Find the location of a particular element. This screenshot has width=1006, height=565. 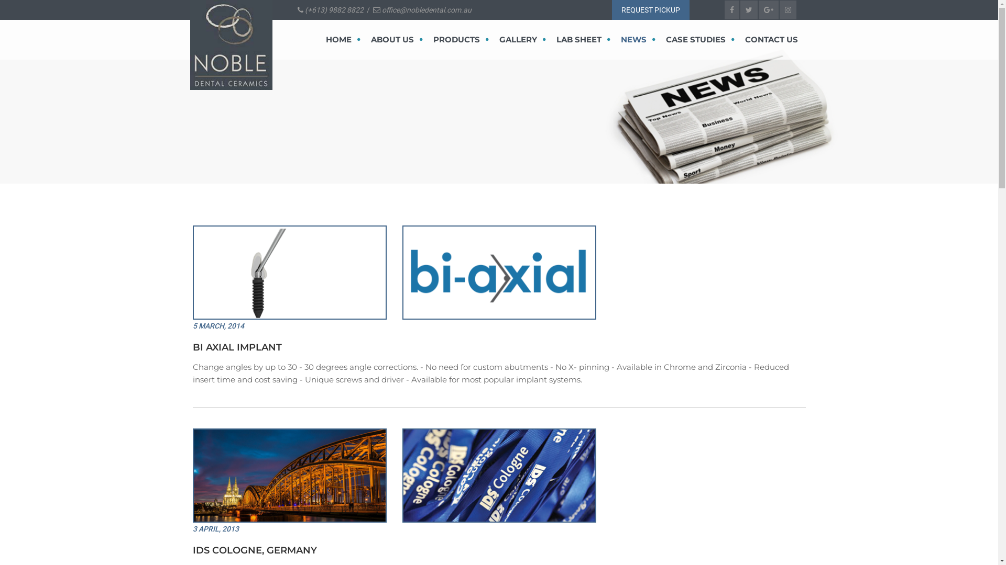

'CONTACT US' is located at coordinates (769, 39).